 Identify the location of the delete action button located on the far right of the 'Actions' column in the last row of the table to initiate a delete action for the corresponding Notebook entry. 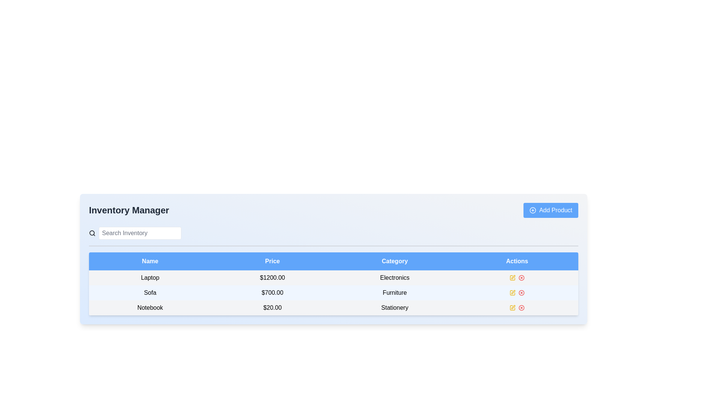
(521, 308).